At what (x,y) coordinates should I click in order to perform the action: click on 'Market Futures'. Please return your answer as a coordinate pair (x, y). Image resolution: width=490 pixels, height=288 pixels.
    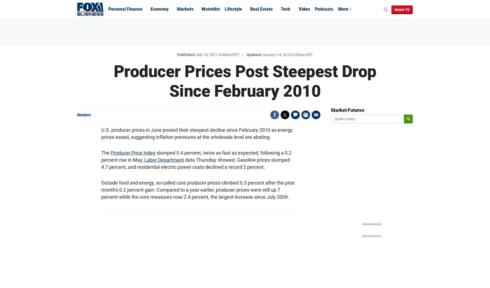
    Looking at the image, I should click on (347, 110).